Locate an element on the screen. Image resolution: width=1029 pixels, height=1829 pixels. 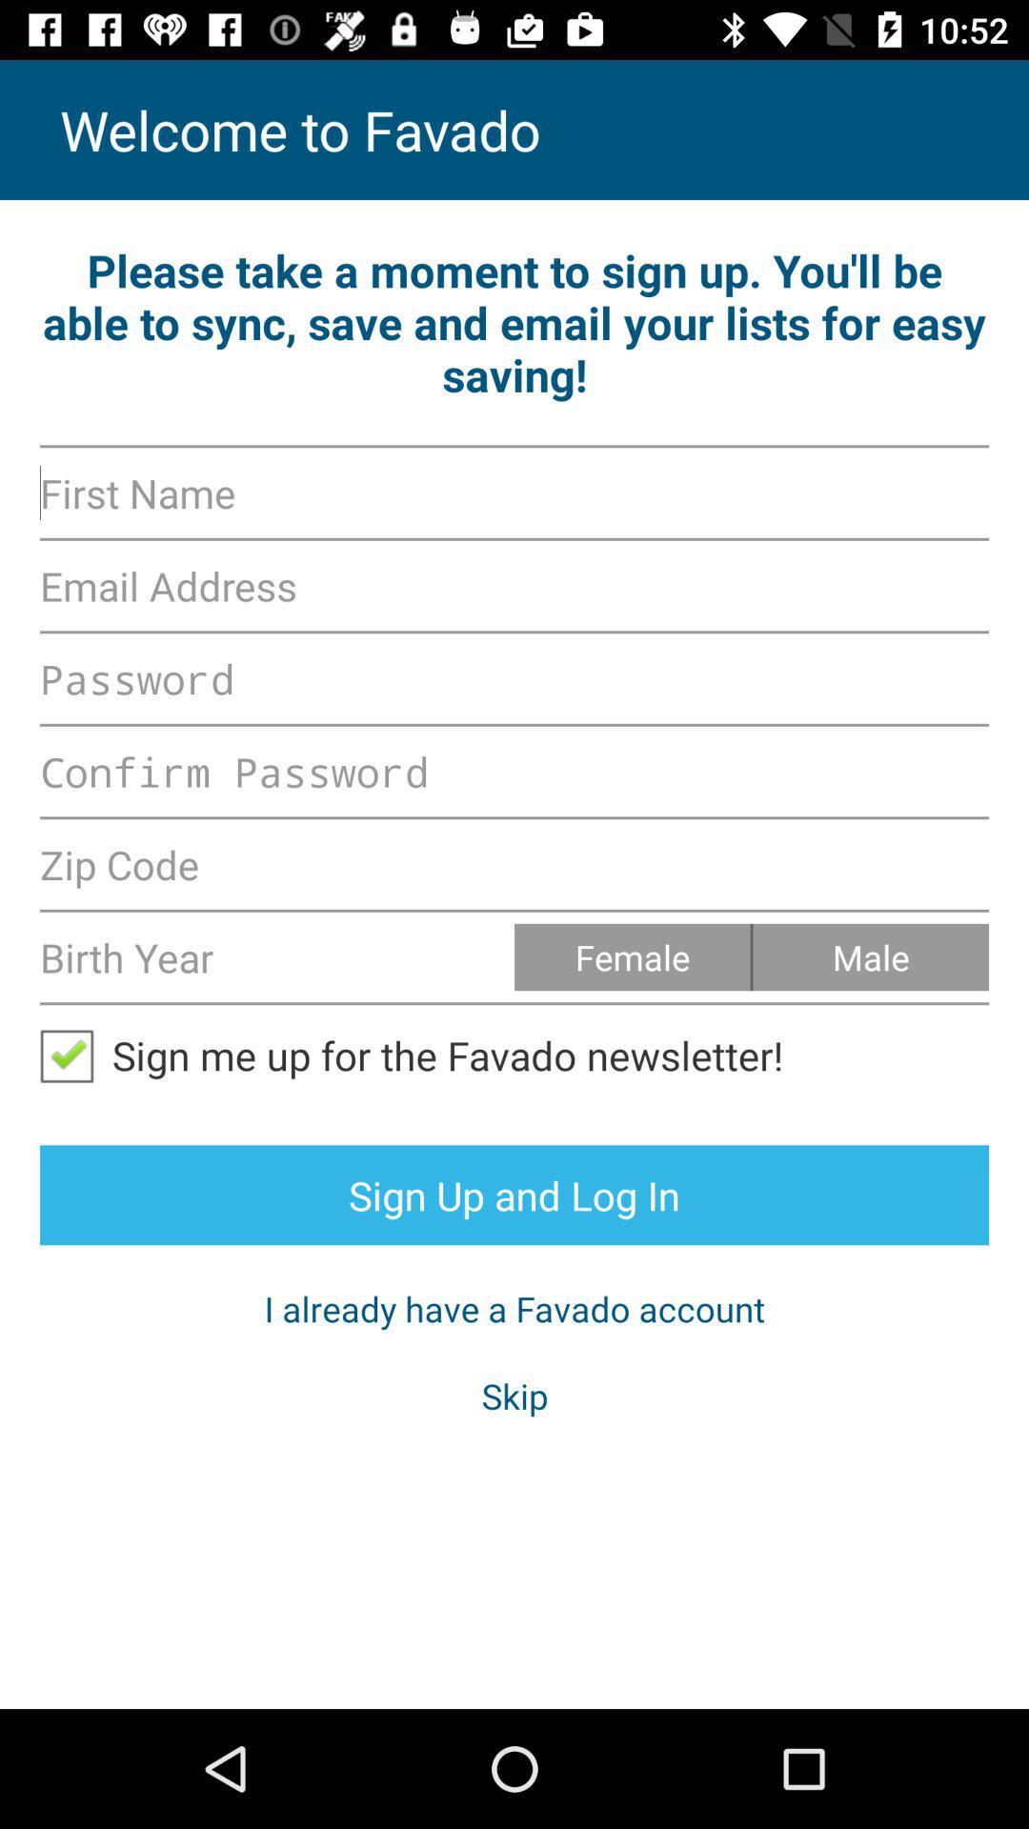
birth year is located at coordinates (276, 956).